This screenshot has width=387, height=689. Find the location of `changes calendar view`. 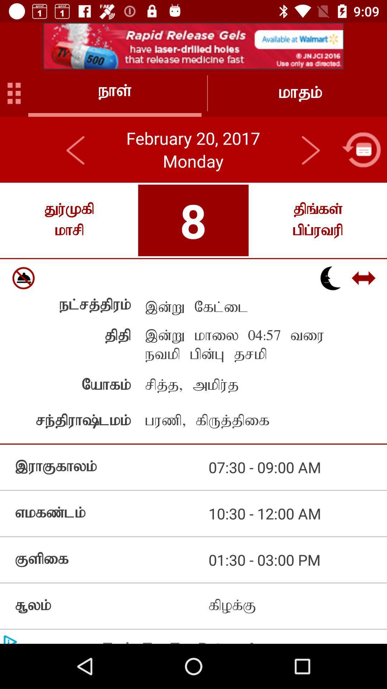

changes calendar view is located at coordinates (361, 149).